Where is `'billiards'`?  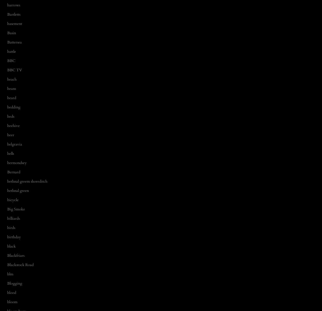
'billiards' is located at coordinates (13, 218).